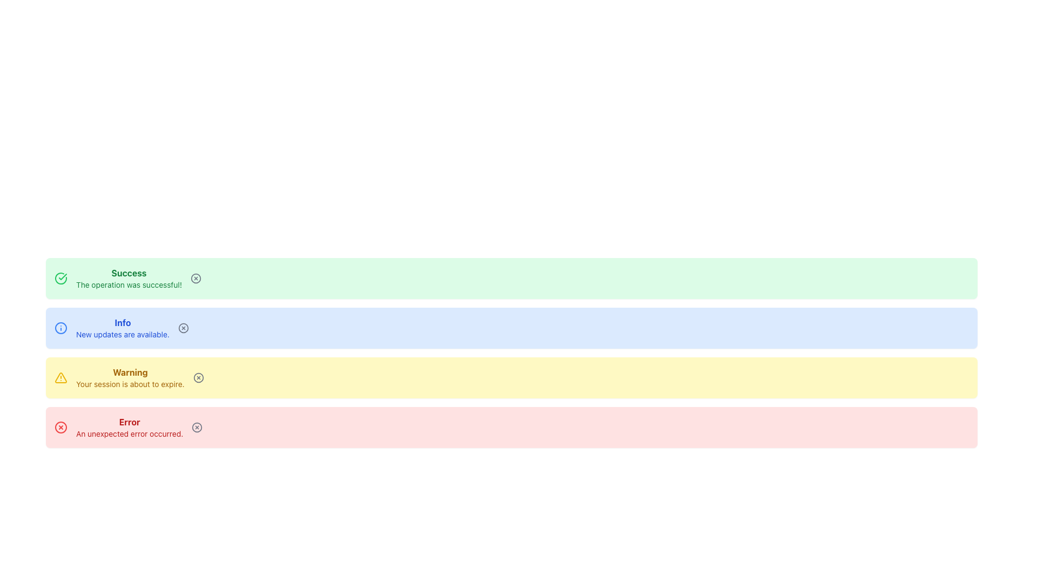 The width and height of the screenshot is (1037, 583). What do you see at coordinates (130, 377) in the screenshot?
I see `notification text block warning about impending session expiration, located in the third row of the notification list, centered between 'Info' and 'Error' notifications` at bounding box center [130, 377].